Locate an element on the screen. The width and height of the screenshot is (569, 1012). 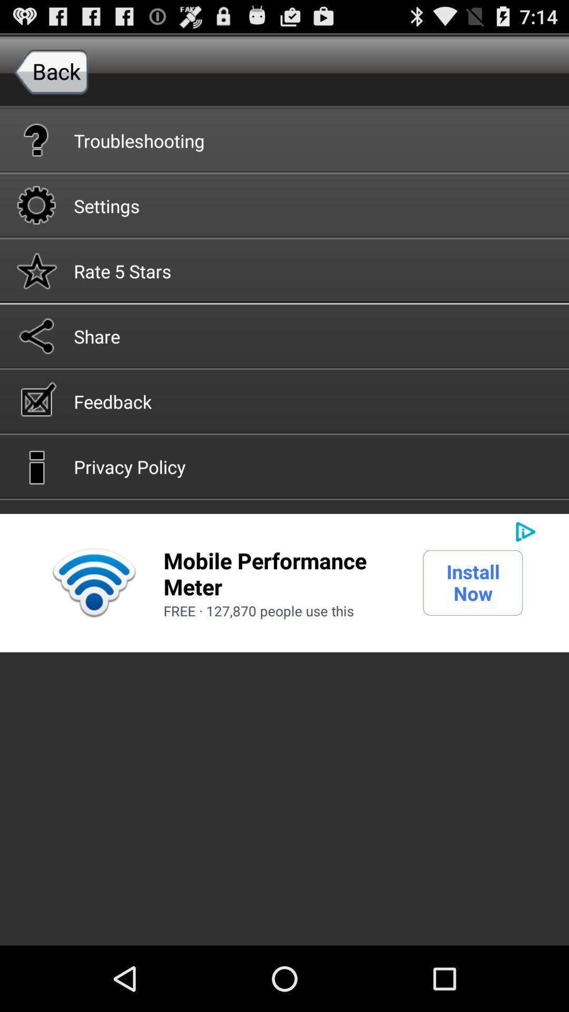
icon to the right of mobile performance meter is located at coordinates (472, 582).